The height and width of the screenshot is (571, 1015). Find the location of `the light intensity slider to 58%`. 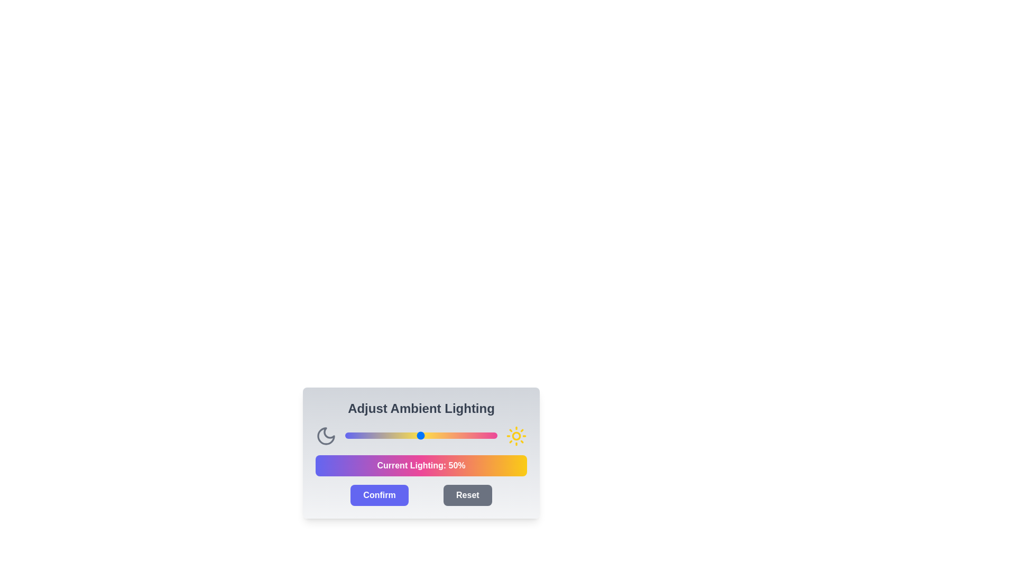

the light intensity slider to 58% is located at coordinates (433, 436).